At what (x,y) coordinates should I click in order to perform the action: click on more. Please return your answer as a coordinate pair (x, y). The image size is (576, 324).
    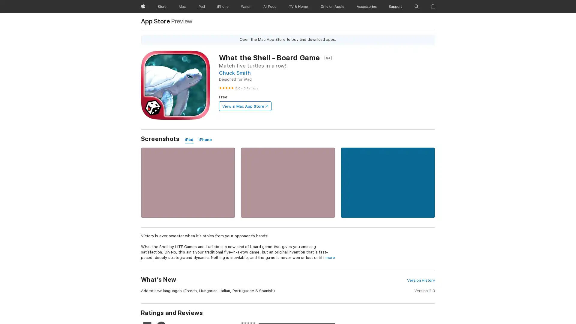
    Looking at the image, I should click on (330, 257).